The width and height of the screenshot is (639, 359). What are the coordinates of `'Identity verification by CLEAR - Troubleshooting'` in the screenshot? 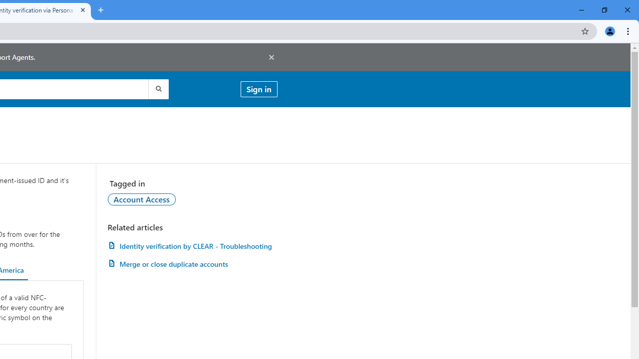 It's located at (192, 246).